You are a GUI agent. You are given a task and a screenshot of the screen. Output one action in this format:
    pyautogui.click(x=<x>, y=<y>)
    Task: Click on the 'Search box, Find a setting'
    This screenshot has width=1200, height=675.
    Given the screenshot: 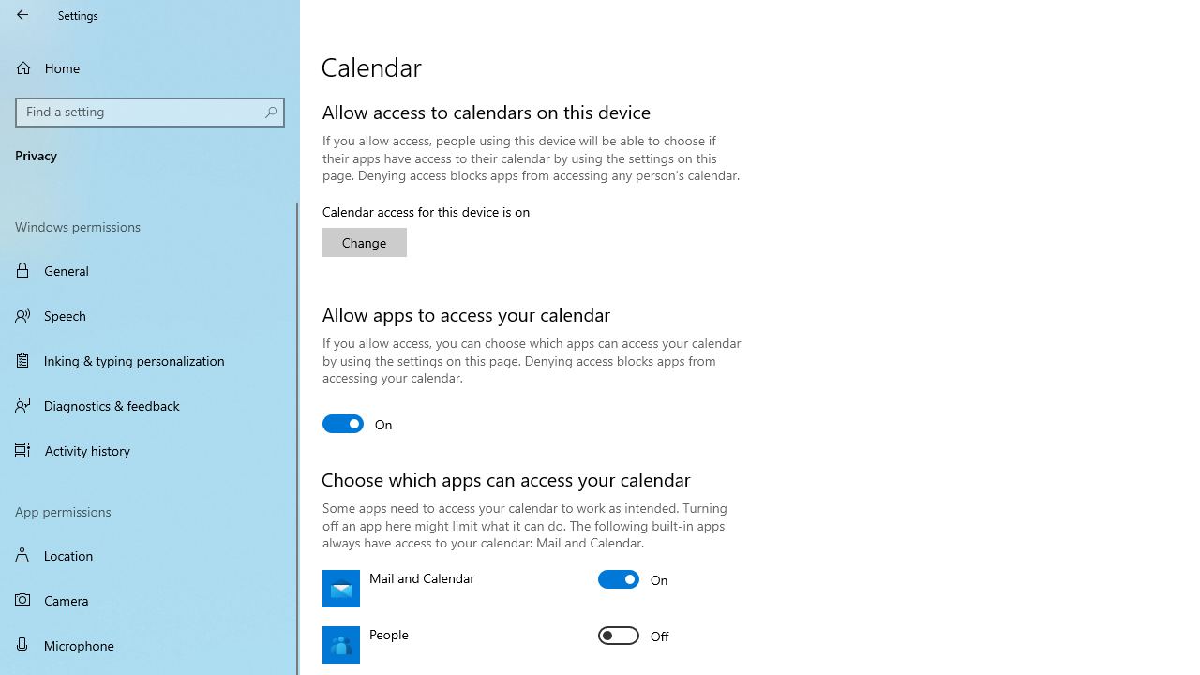 What is the action you would take?
    pyautogui.click(x=150, y=112)
    